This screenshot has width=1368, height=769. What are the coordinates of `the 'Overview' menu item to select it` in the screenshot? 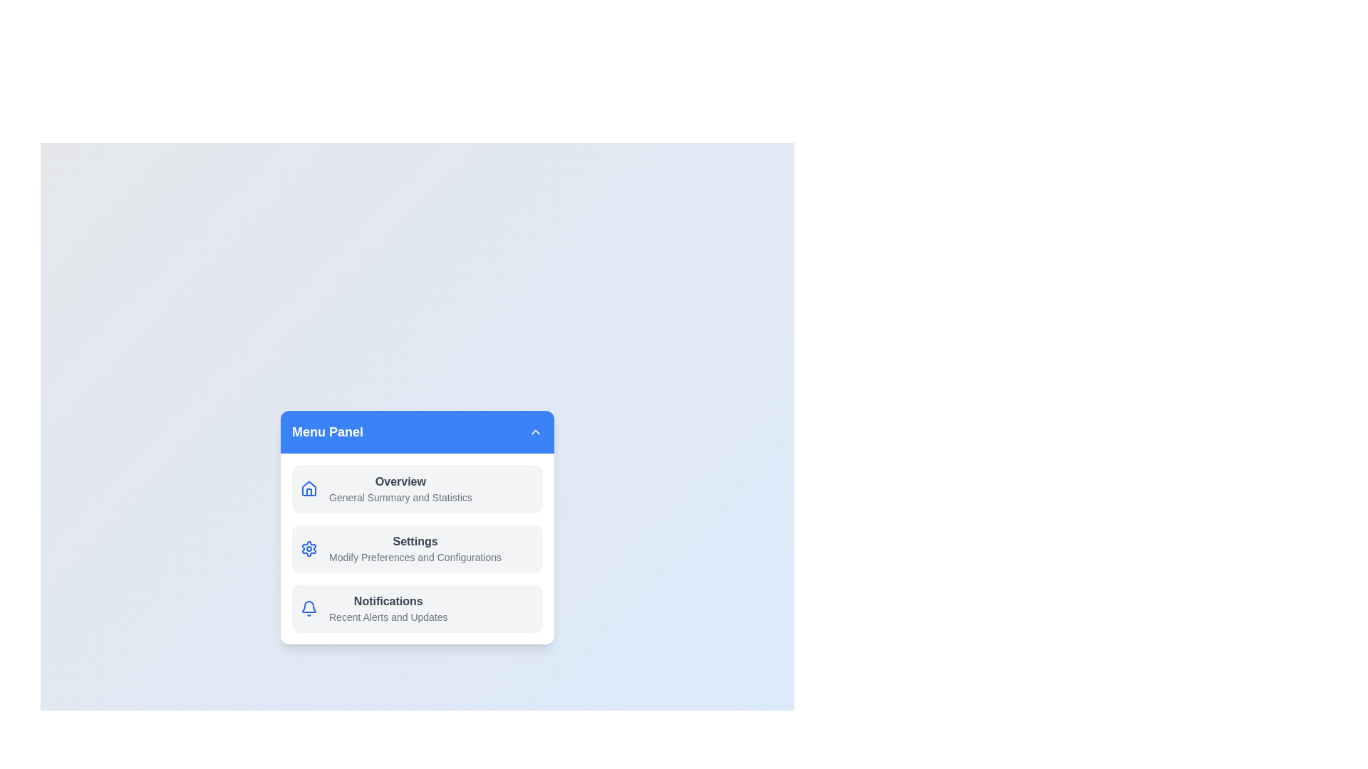 It's located at (416, 488).